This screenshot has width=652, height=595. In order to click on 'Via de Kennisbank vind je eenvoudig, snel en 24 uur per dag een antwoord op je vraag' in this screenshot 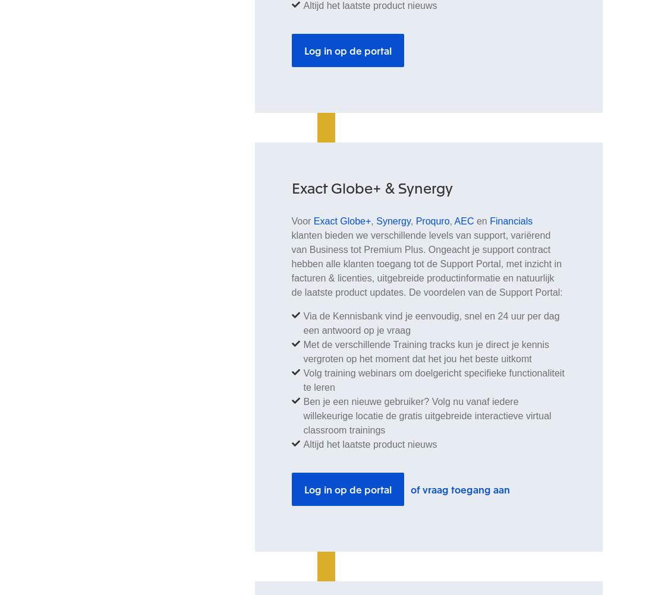, I will do `click(430, 322)`.